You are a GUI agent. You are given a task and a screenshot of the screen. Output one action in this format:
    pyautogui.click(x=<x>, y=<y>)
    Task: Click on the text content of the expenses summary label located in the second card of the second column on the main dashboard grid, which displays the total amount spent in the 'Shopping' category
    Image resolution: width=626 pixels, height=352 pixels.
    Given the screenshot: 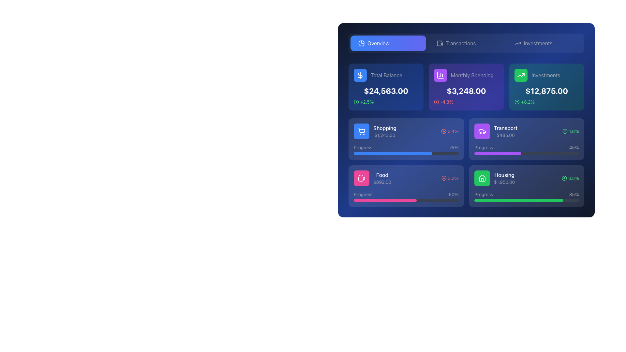 What is the action you would take?
    pyautogui.click(x=385, y=131)
    